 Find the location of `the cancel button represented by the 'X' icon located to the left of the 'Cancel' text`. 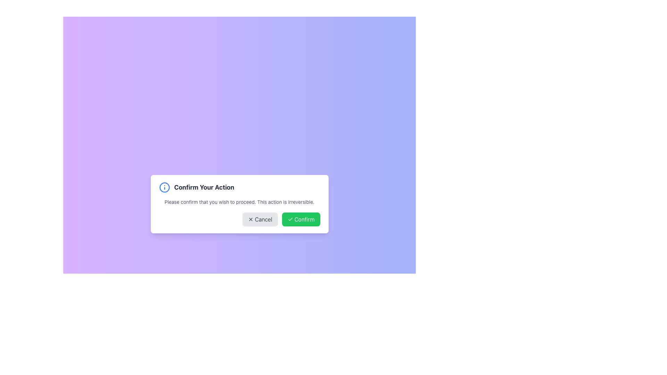

the cancel button represented by the 'X' icon located to the left of the 'Cancel' text is located at coordinates (250, 219).